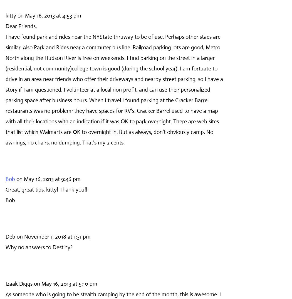 The height and width of the screenshot is (299, 292). I want to click on 'Why no answers to Destiny?', so click(39, 247).